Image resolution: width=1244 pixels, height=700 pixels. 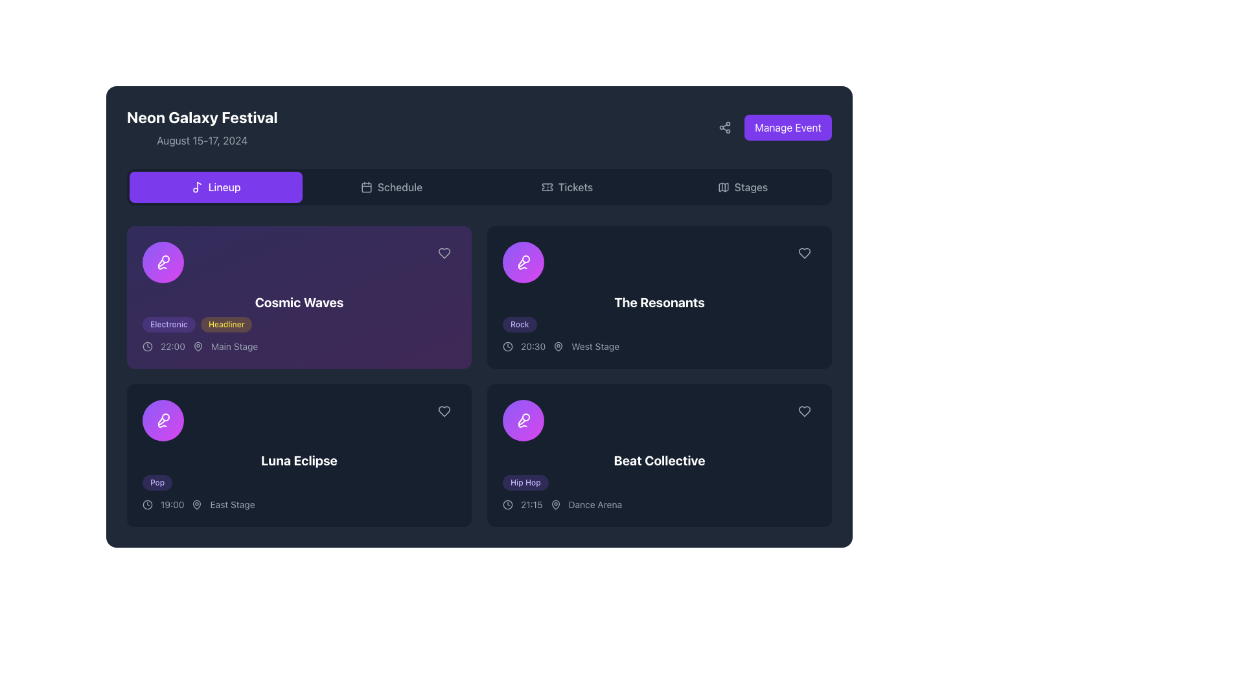 I want to click on the SVG circle element that represents a microphone, located at the top-right of the icon structure, so click(x=165, y=259).